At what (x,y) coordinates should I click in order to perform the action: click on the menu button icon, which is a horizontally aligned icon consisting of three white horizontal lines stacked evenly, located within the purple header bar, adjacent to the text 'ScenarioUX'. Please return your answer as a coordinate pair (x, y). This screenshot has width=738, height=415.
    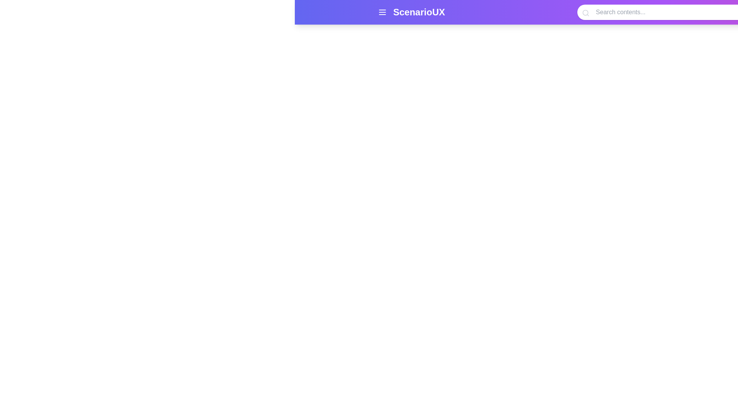
    Looking at the image, I should click on (382, 12).